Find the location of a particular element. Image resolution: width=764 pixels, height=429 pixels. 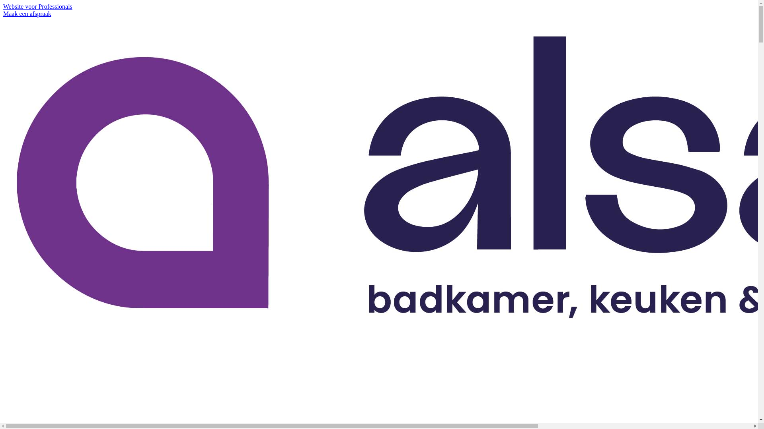

'Website voor Professionals' is located at coordinates (3, 6).